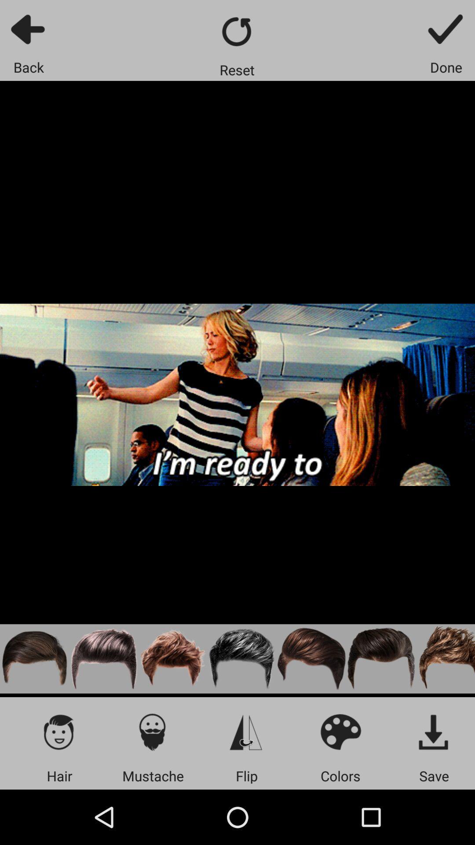  I want to click on go back, so click(28, 29).